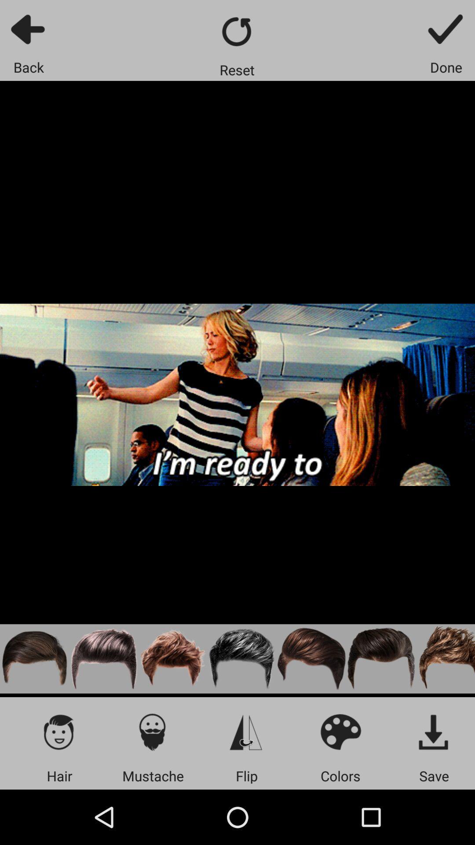  I want to click on go back, so click(28, 29).